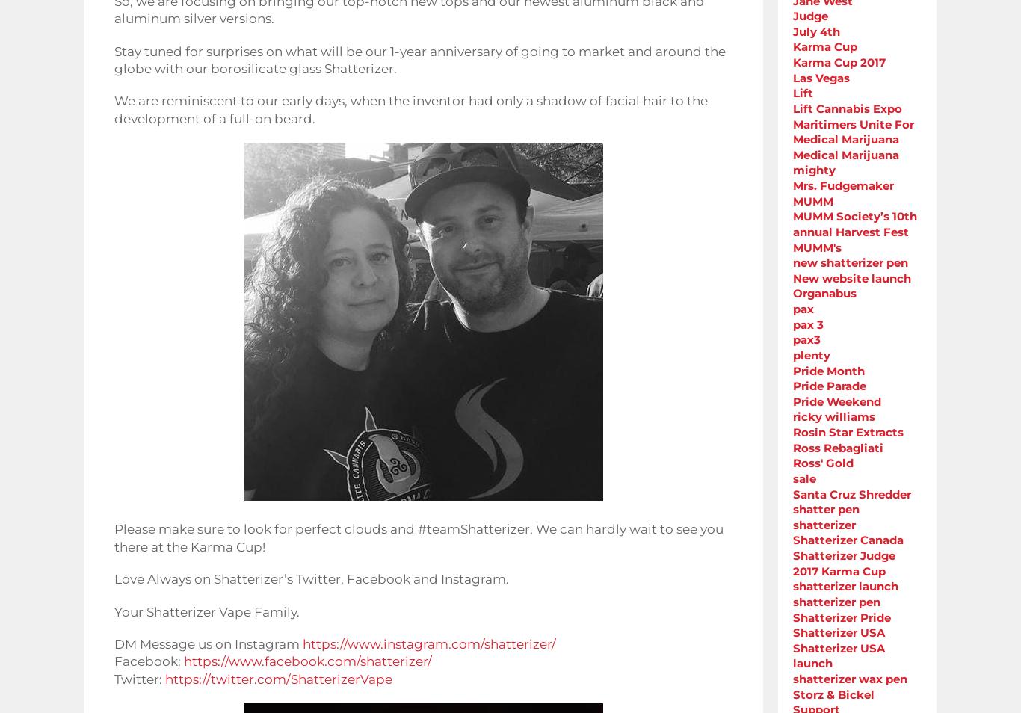 The width and height of the screenshot is (1021, 713). I want to click on 'MUMM', so click(812, 200).